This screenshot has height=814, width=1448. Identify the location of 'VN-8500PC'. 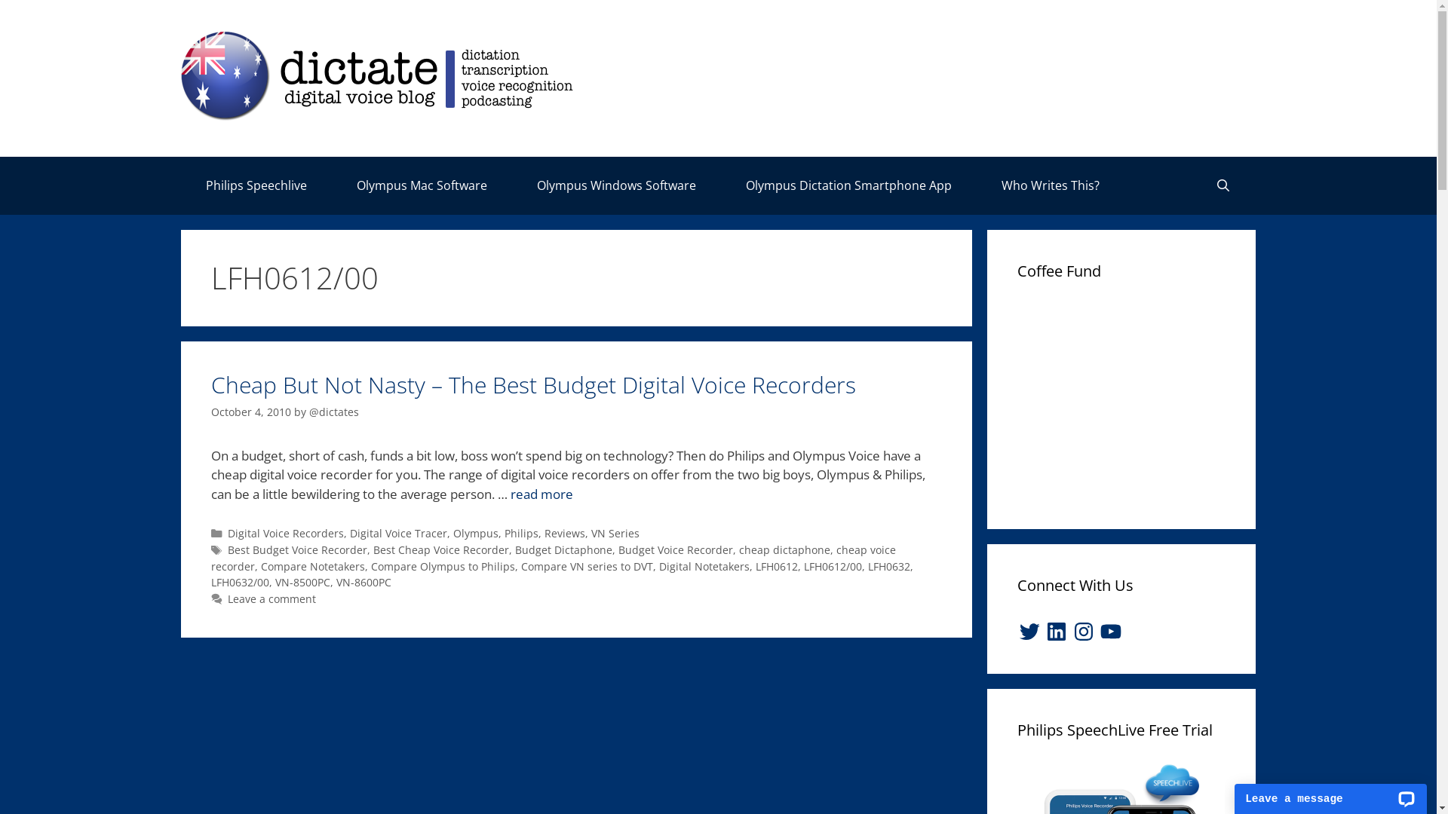
(302, 581).